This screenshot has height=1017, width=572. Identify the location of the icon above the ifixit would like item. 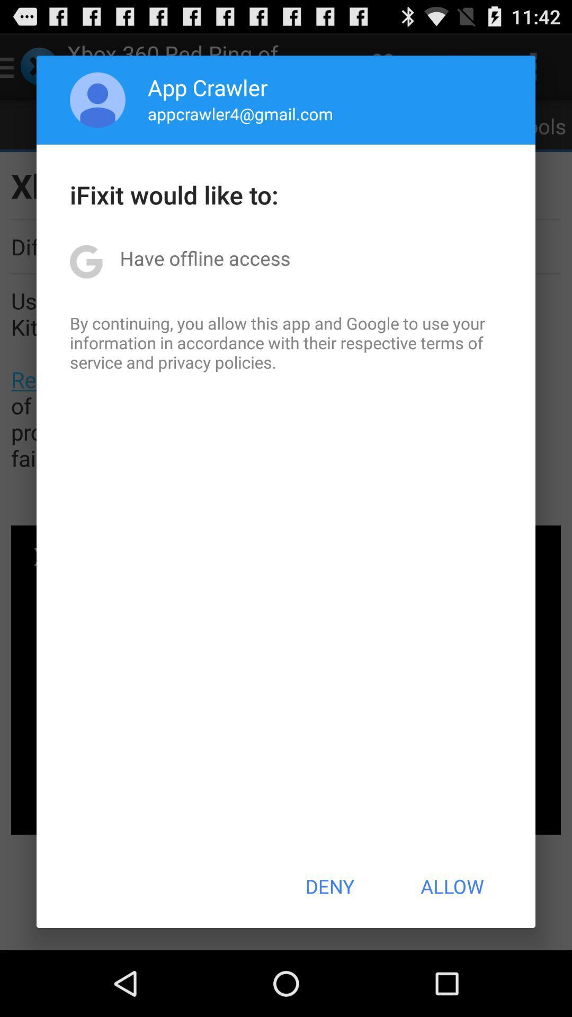
(97, 100).